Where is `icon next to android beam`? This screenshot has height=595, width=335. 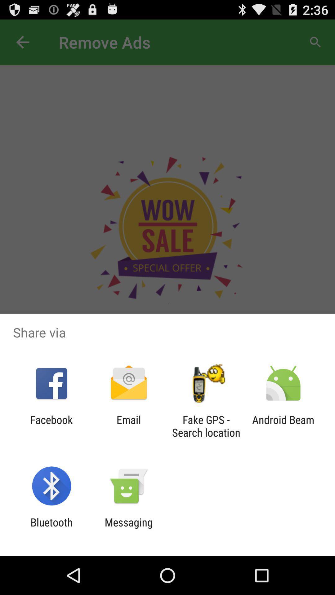 icon next to android beam is located at coordinates (206, 426).